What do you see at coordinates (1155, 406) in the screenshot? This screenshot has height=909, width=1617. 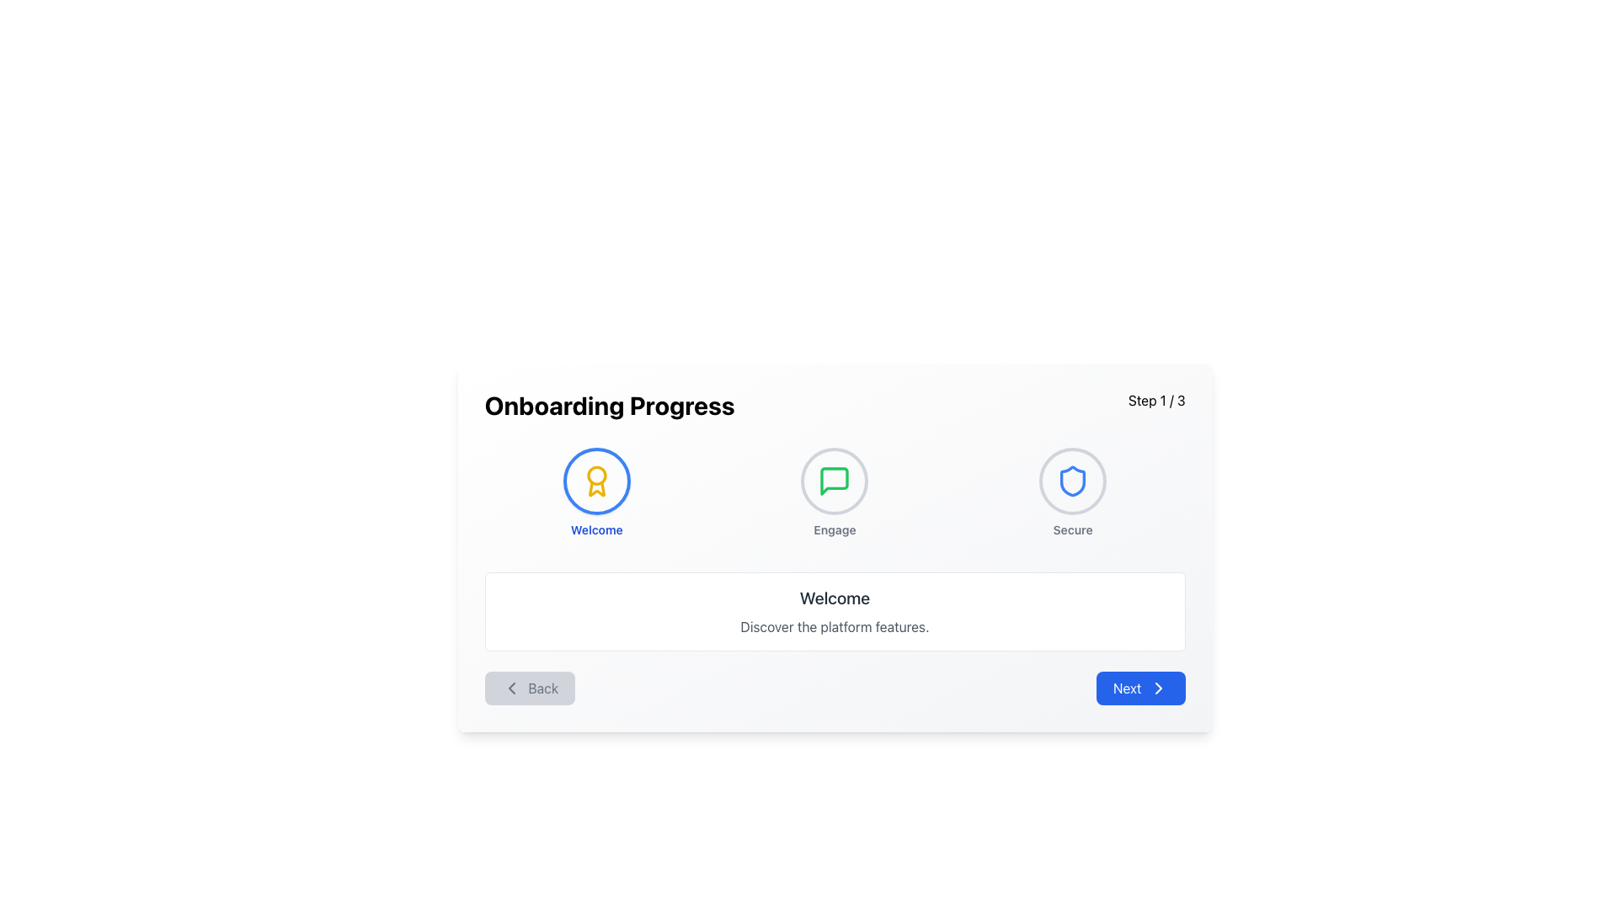 I see `the text label displaying 'Step 1 / 3', which is located to the right of the 'Onboarding Progress' label in the upper part of the page` at bounding box center [1155, 406].